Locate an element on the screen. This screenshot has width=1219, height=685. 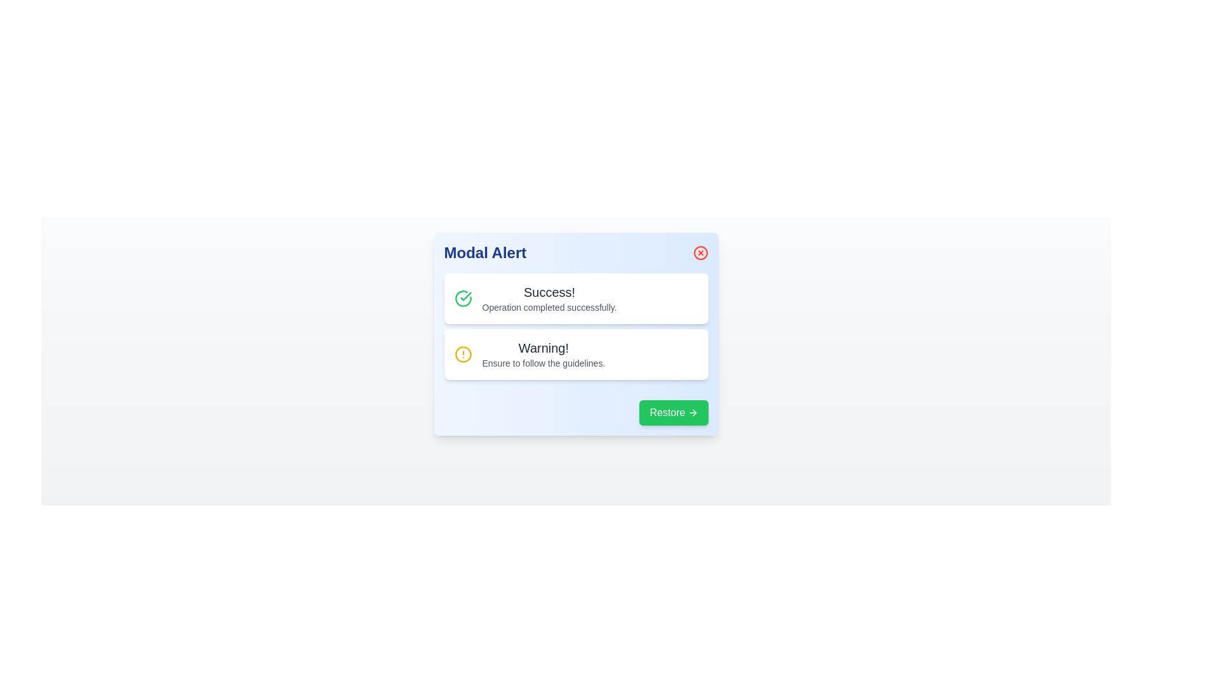
the right arrow icon next to the 'Restore' label on the green rectangular button at the bottom-right corner of the modal is located at coordinates (692, 413).